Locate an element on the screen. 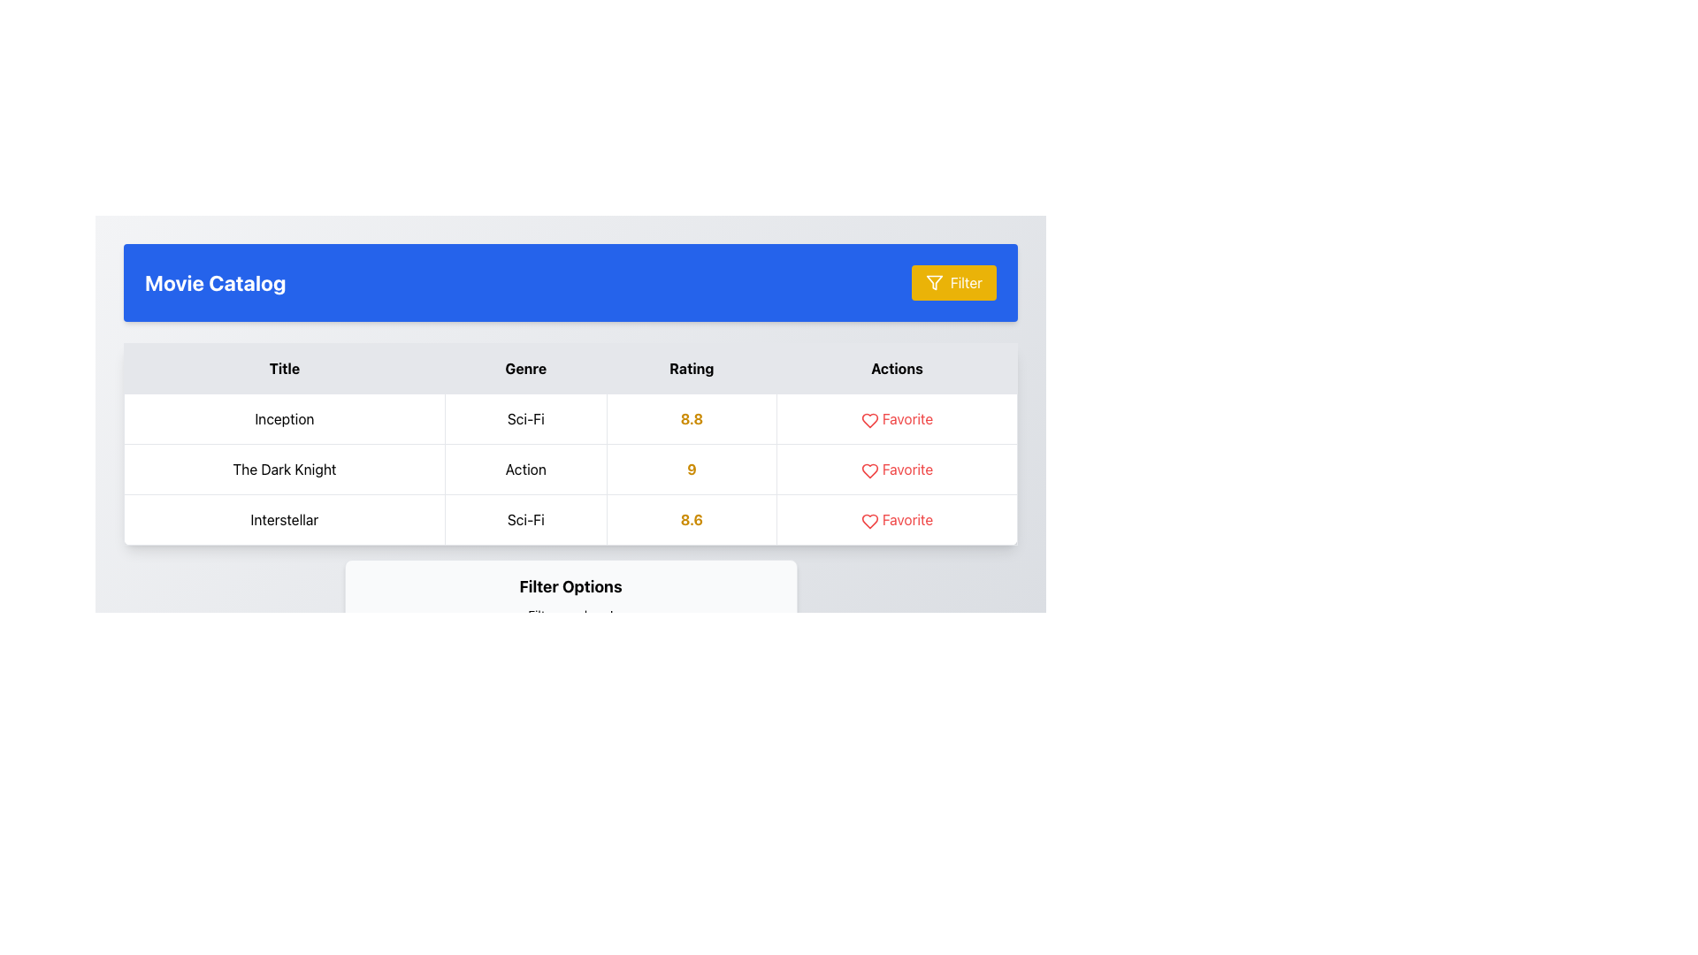 The height and width of the screenshot is (955, 1698). the triangular funnel icon located within the 'Filter' button, which is centered in its rectangular boundary at the top-right area of the layout is located at coordinates (933, 282).